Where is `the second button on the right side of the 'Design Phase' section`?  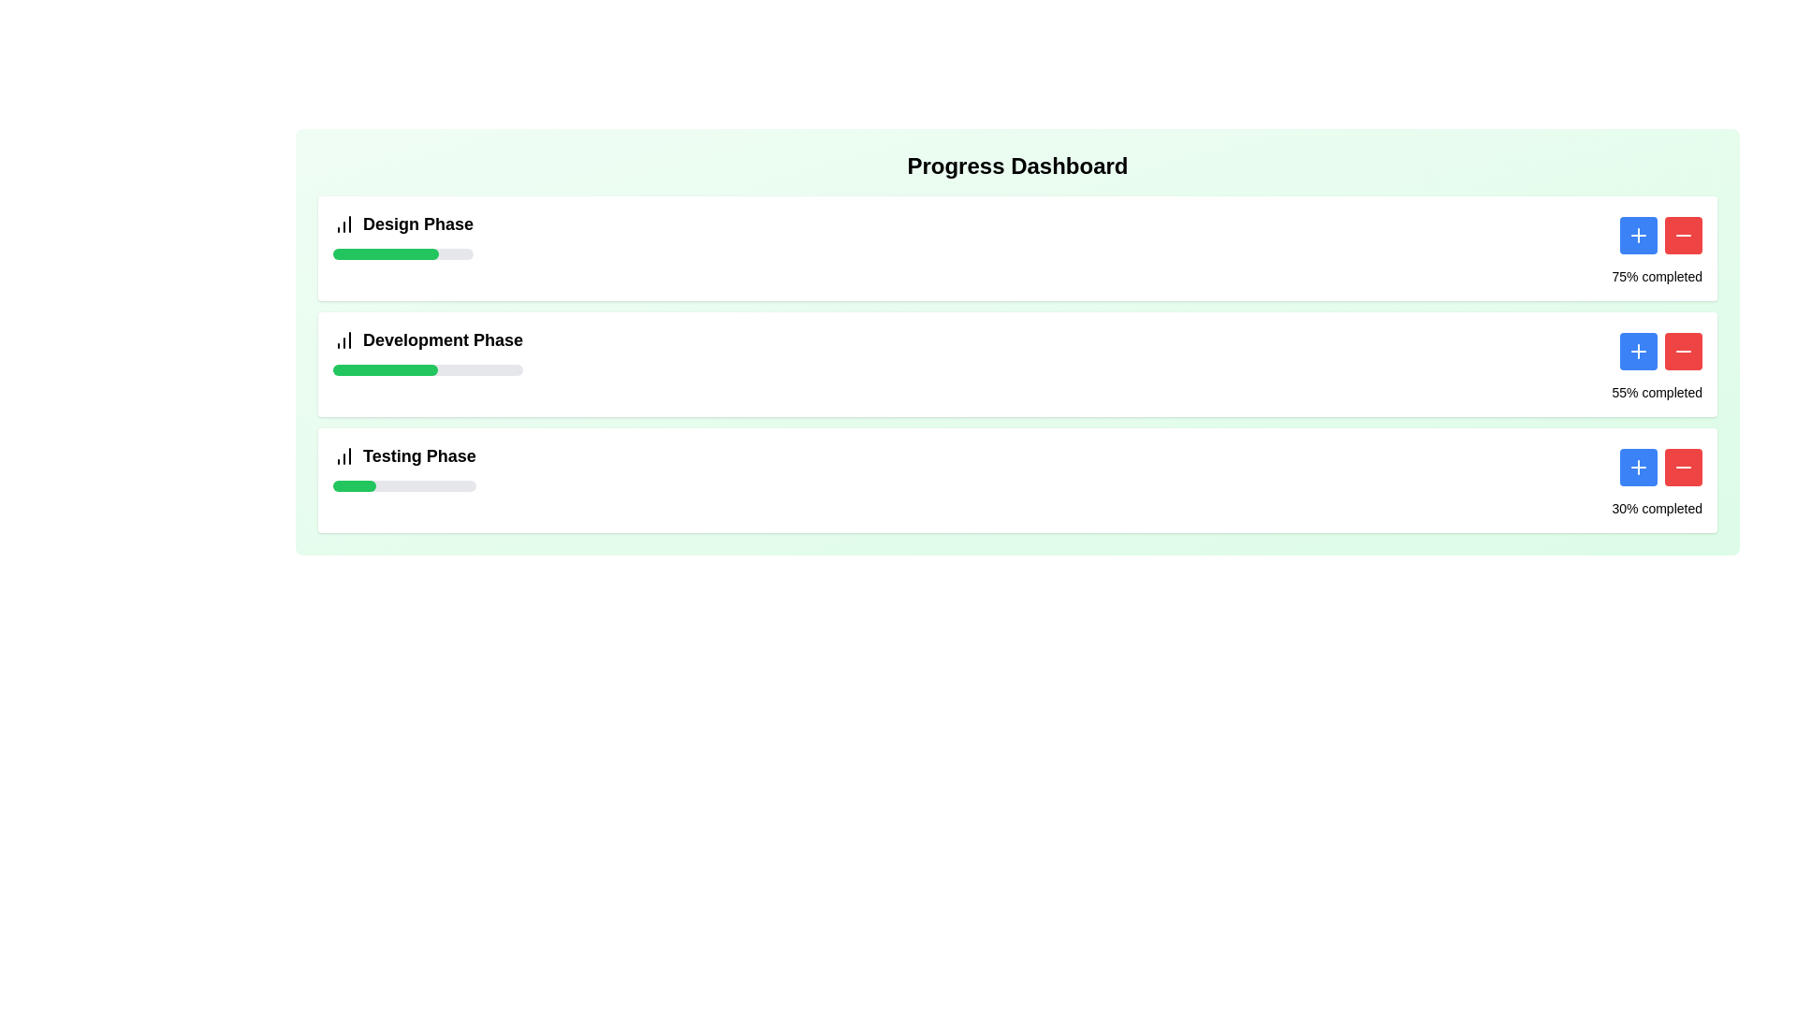 the second button on the right side of the 'Design Phase' section is located at coordinates (1684, 234).